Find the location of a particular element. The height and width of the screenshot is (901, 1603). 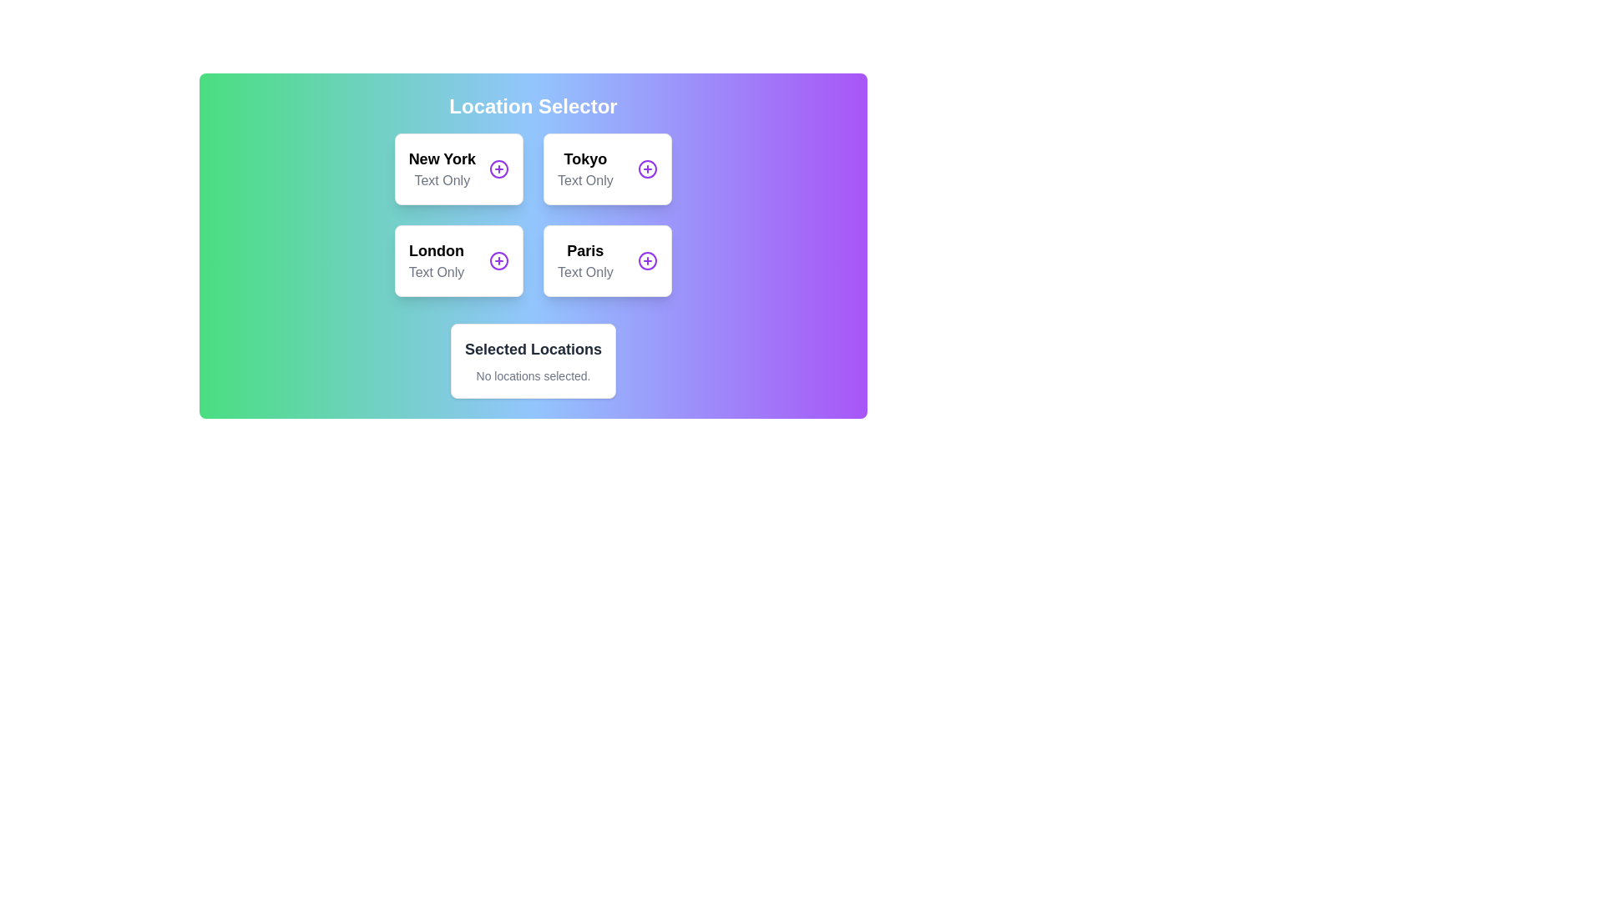

the Text Label displaying 'Text Only' in gray color, which is located directly beneath the title 'New York' in the top-left card of the grid is located at coordinates (442, 180).